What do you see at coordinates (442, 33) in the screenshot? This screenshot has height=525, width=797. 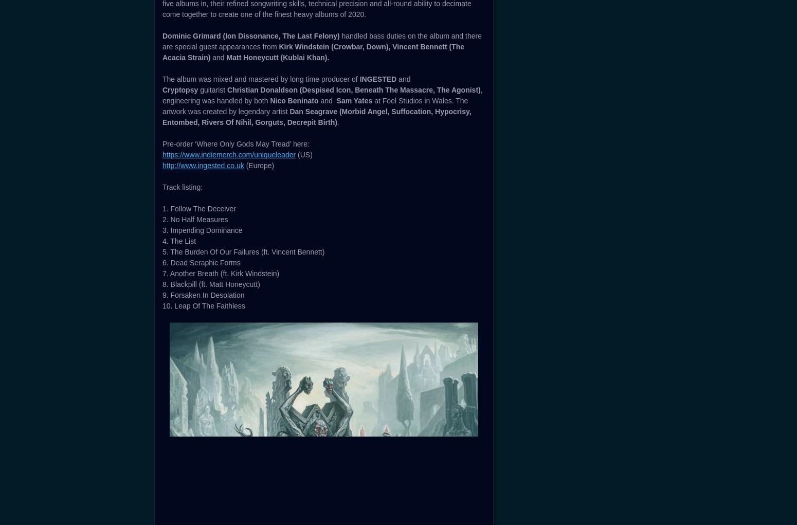 I see `'bassist'` at bounding box center [442, 33].